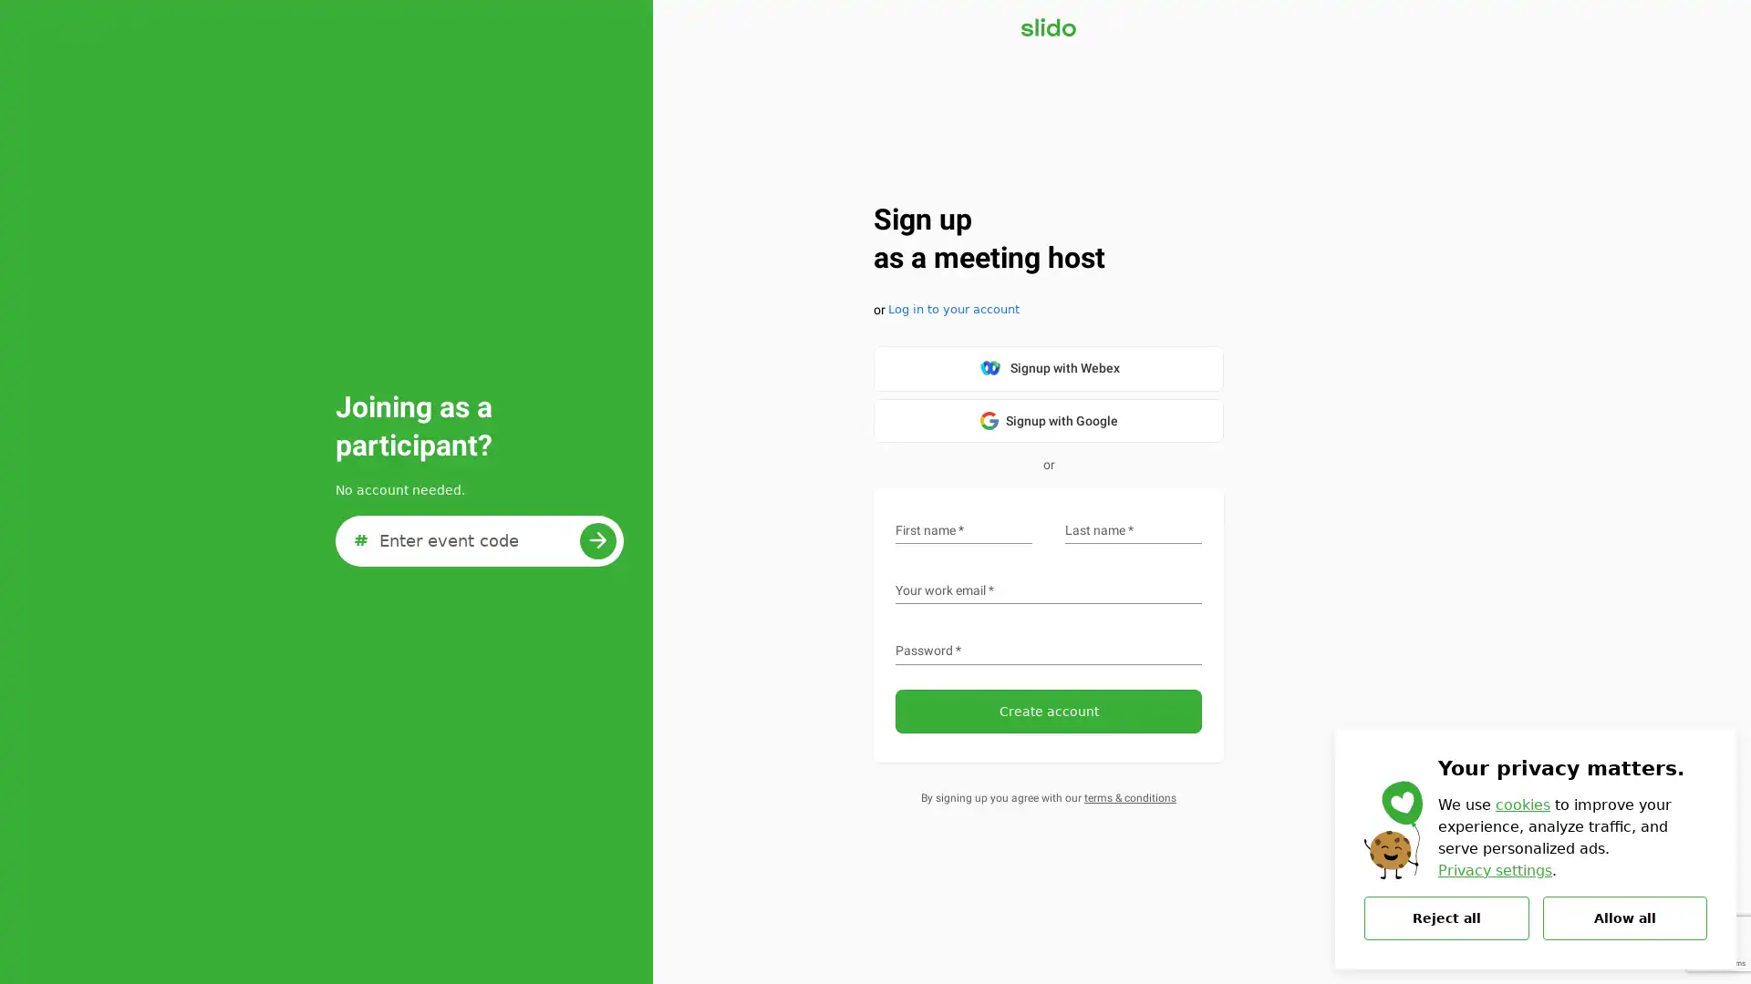 The width and height of the screenshot is (1751, 984). Describe the element at coordinates (1049, 420) in the screenshot. I see `google-logo Signup with Google` at that location.